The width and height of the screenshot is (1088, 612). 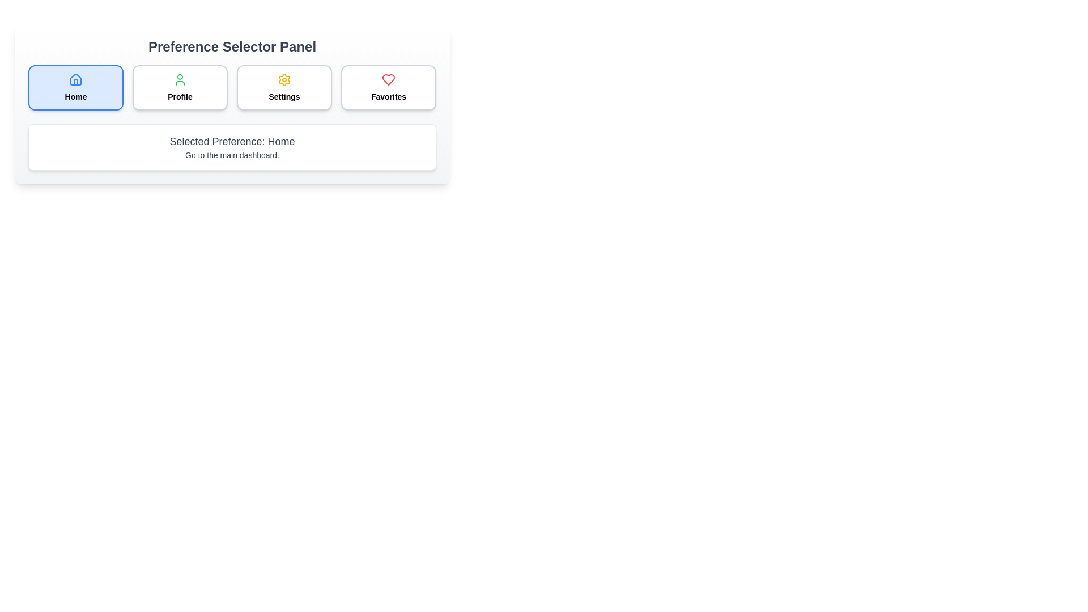 I want to click on the gear-shaped icon, which is centrally placed within the 'Settings' button, so click(x=284, y=79).